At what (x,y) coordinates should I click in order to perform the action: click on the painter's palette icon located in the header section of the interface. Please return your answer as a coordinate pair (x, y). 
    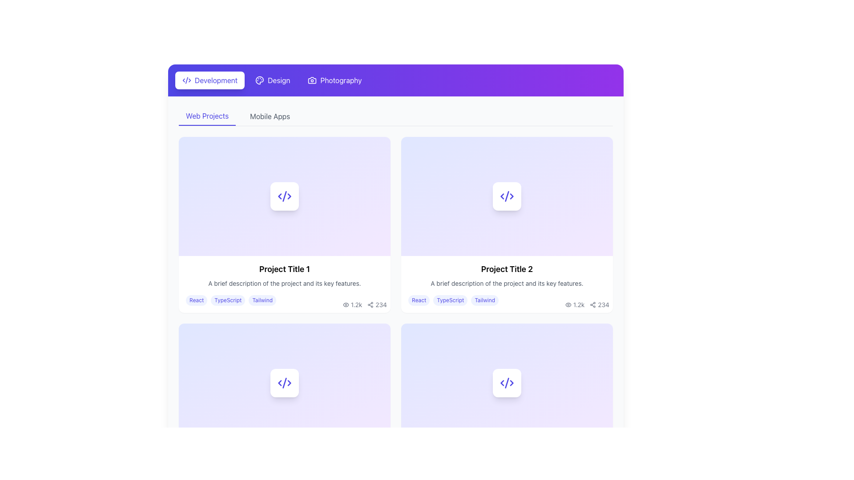
    Looking at the image, I should click on (259, 80).